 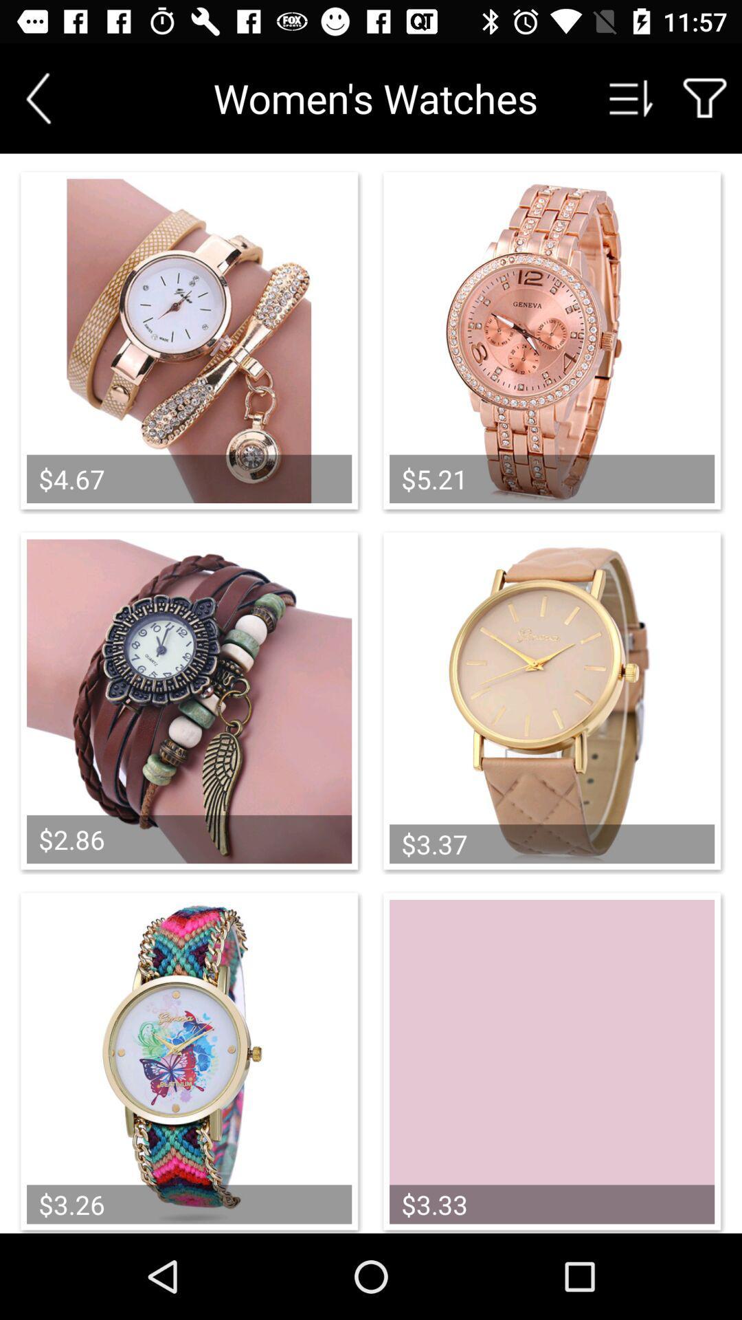 I want to click on the arrow_backward icon, so click(x=38, y=98).